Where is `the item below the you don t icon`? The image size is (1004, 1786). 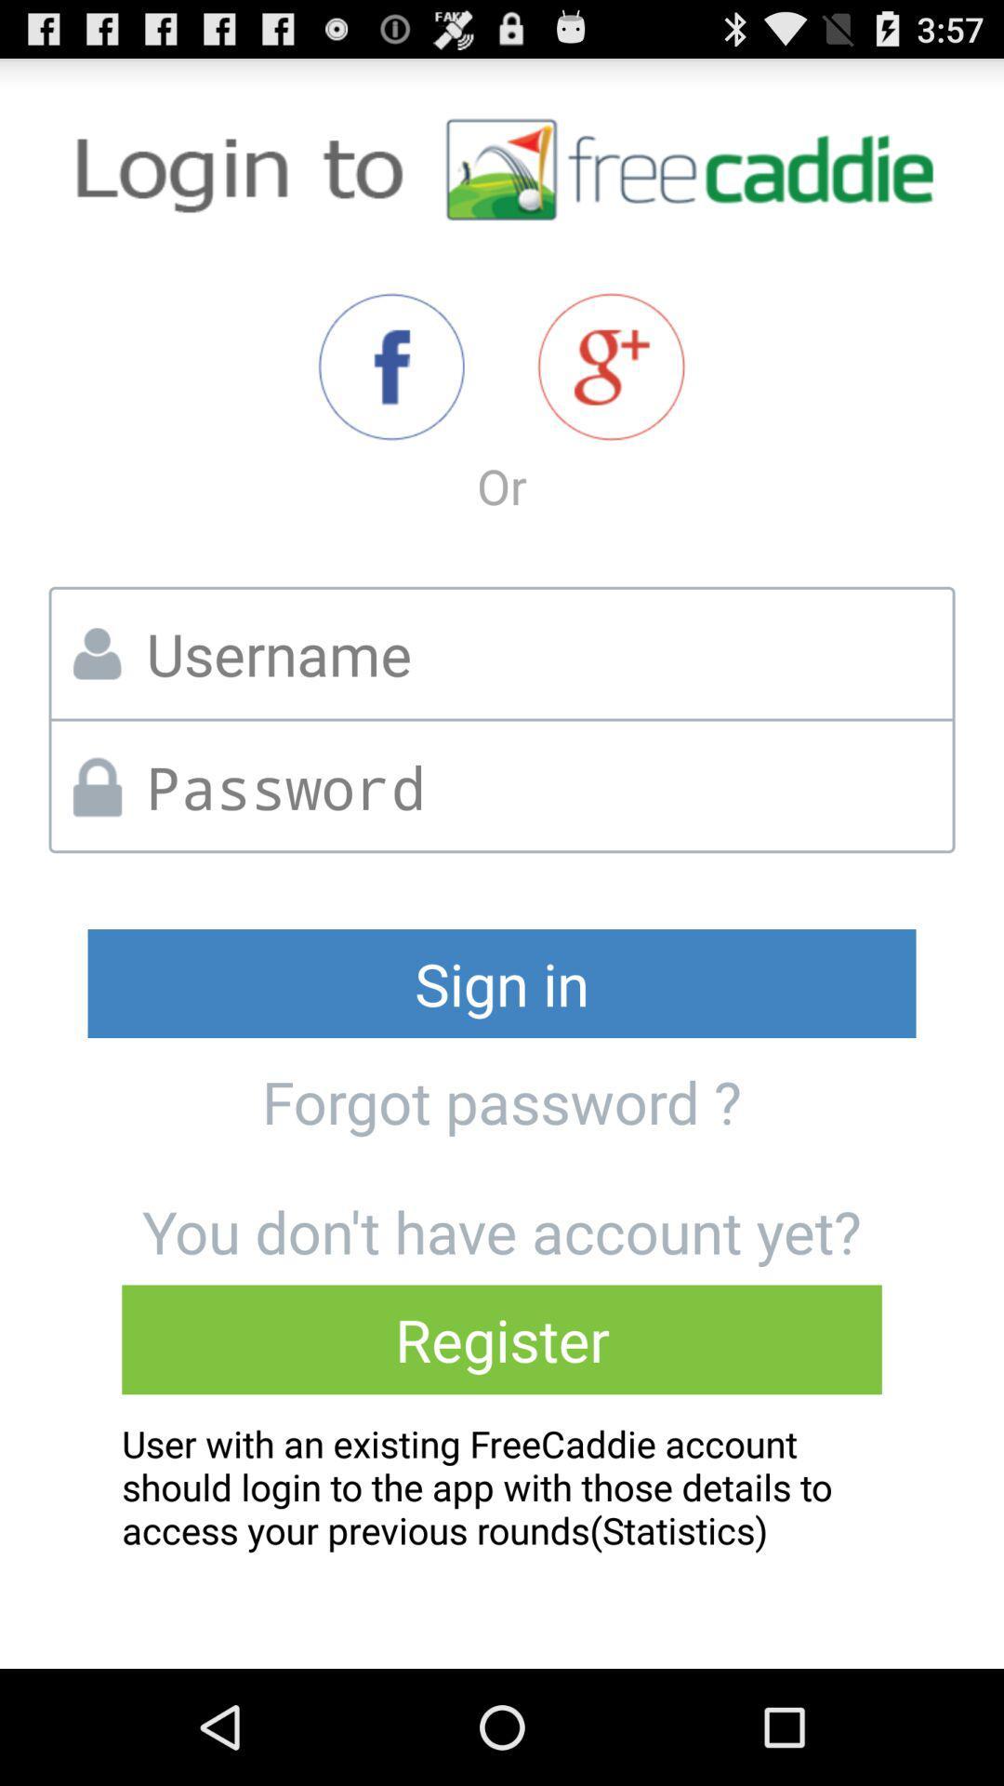
the item below the you don t icon is located at coordinates (502, 1339).